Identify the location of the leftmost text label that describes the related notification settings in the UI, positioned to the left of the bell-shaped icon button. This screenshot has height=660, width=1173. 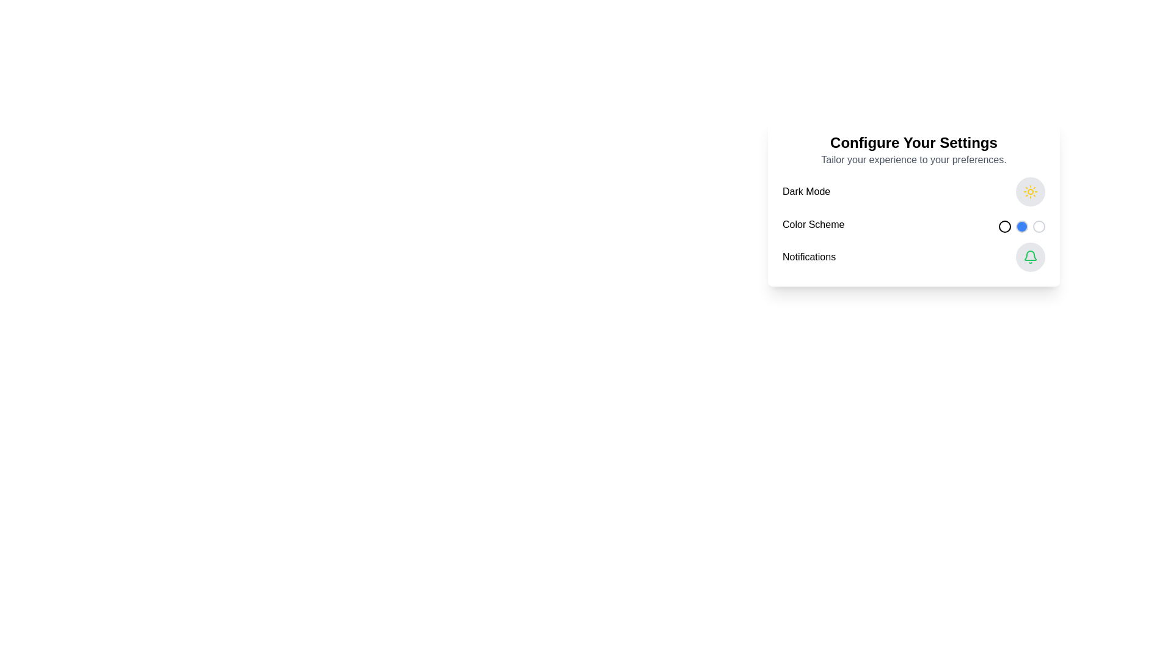
(809, 256).